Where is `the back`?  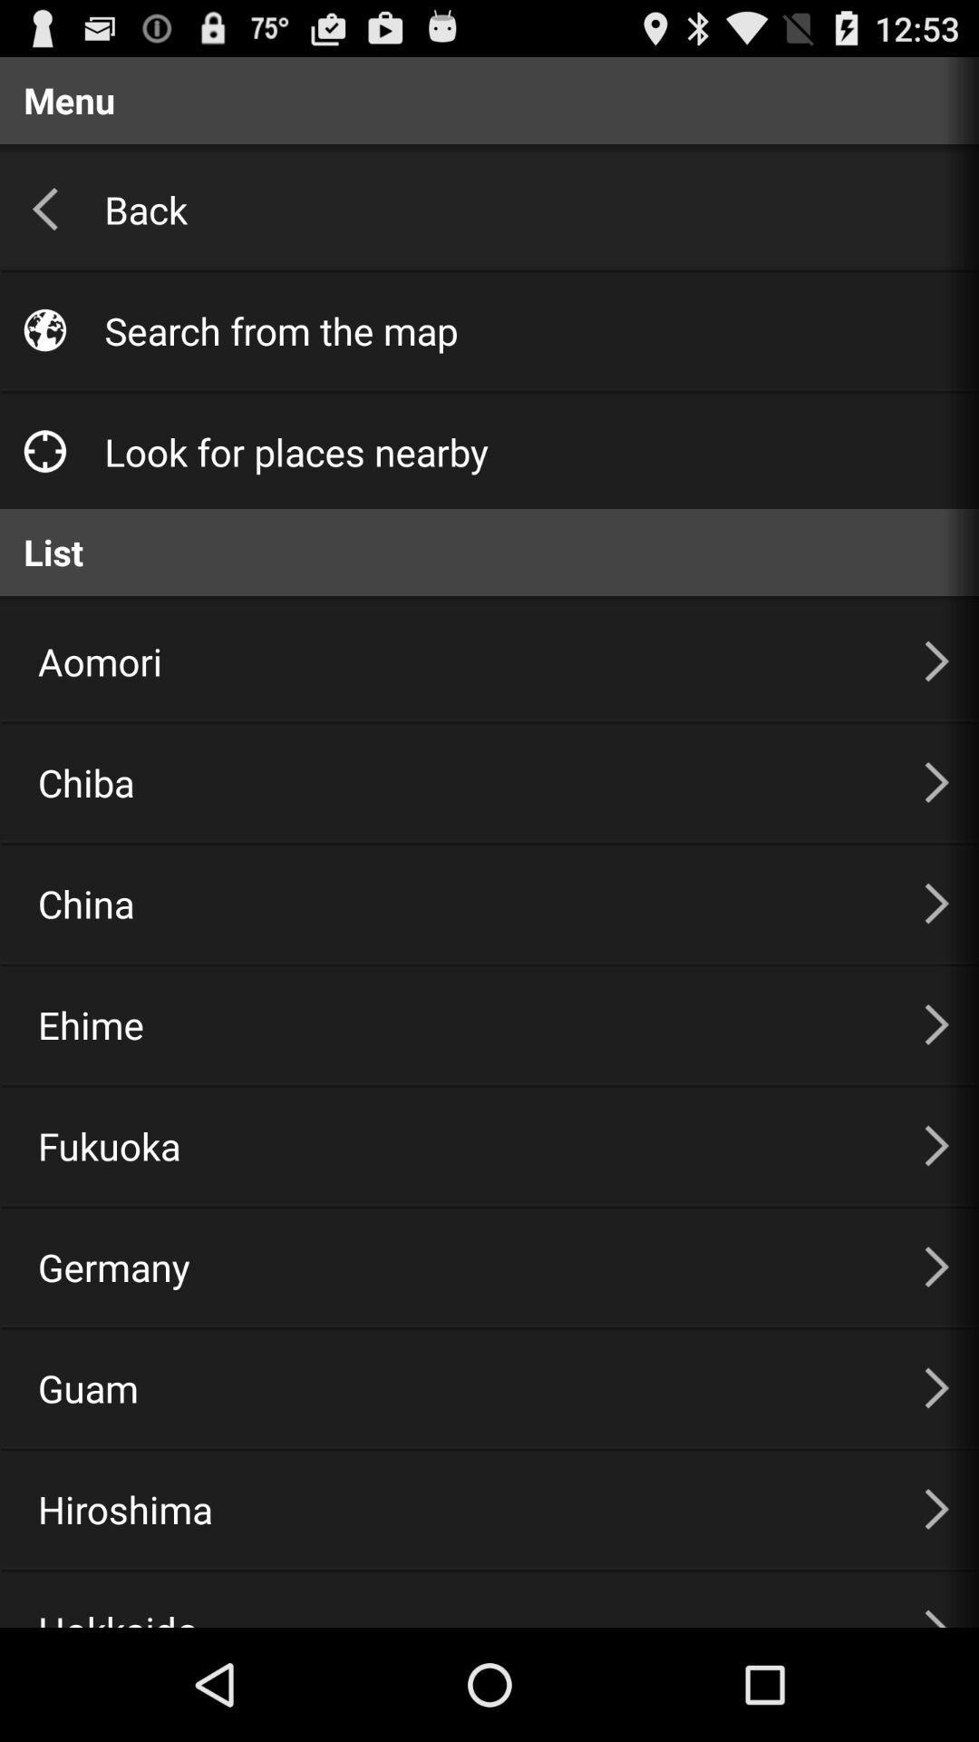 the back is located at coordinates (522, 209).